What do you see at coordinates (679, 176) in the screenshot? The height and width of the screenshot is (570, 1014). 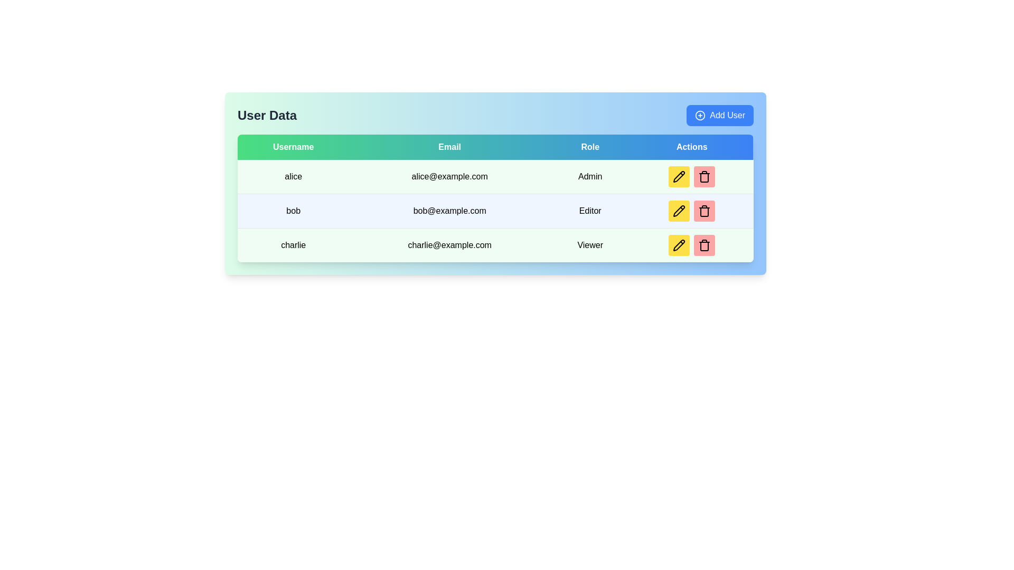 I see `the yellow pencil icon in the 'Actions' column of the first row, corresponding to the 'alice' user entry` at bounding box center [679, 176].